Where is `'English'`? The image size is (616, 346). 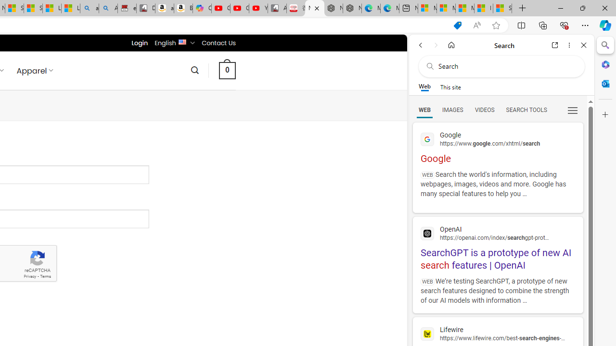
'English' is located at coordinates (182, 41).